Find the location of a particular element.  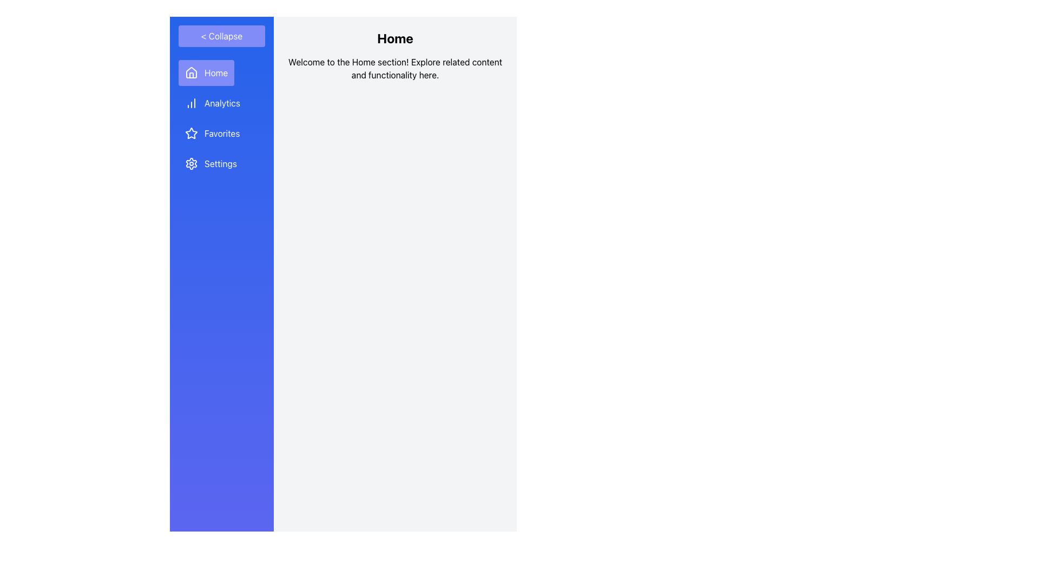

the 'Analytics' button located in the vertical navigation list on the left sidebar, which is styled with a blue background and white text is located at coordinates (213, 103).